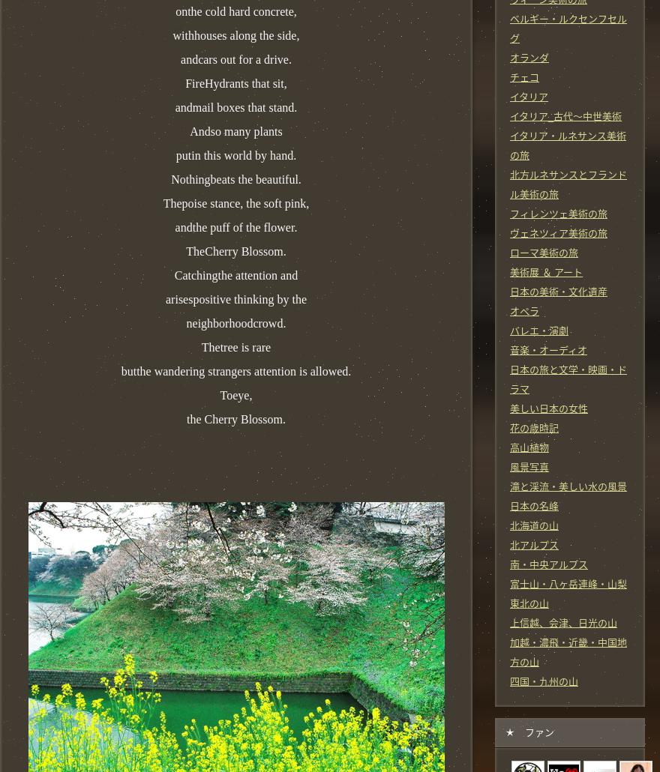 This screenshot has height=772, width=660. What do you see at coordinates (235, 10) in the screenshot?
I see `'onthe cold hard concrete,'` at bounding box center [235, 10].